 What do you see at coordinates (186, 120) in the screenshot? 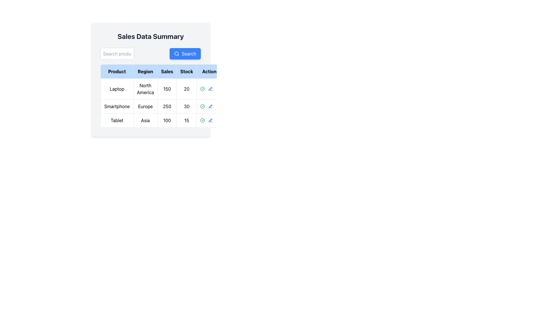
I see `the fourth cell in the 'Stock' column displaying the stock count for the 'Tablet' product in the bottom-most row of the main data table` at bounding box center [186, 120].